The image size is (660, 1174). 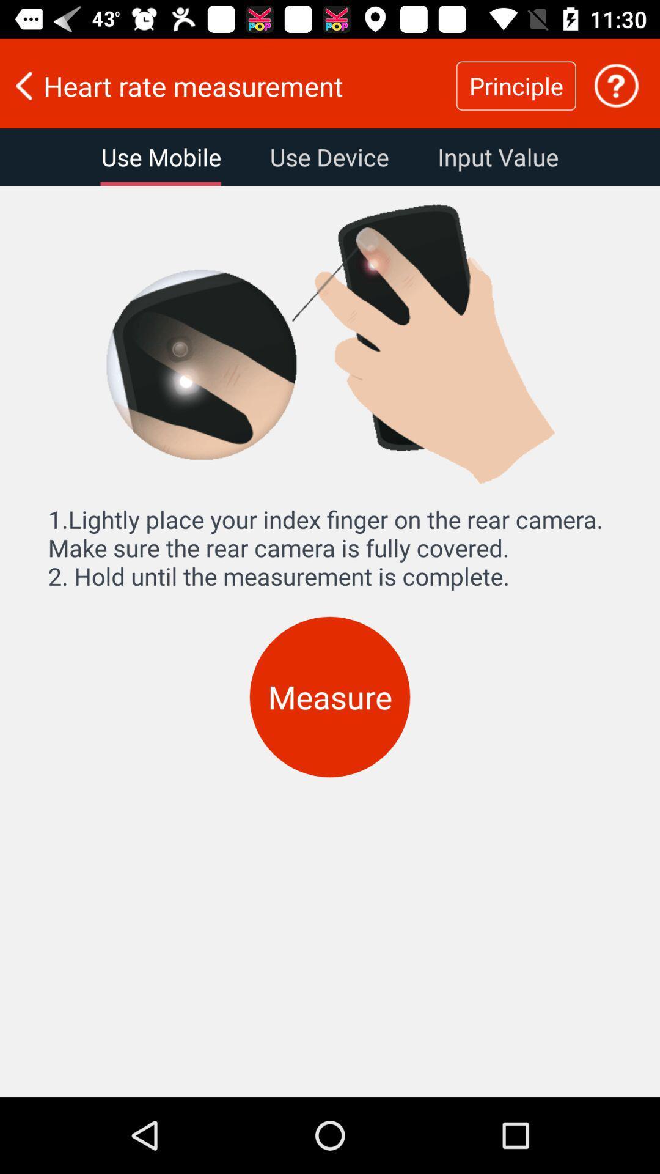 I want to click on icon at the top left corner, so click(x=160, y=157).